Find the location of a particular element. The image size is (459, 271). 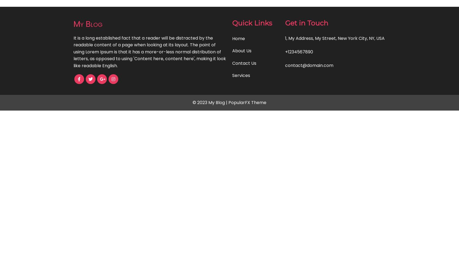

'PopularFX Theme' is located at coordinates (247, 102).